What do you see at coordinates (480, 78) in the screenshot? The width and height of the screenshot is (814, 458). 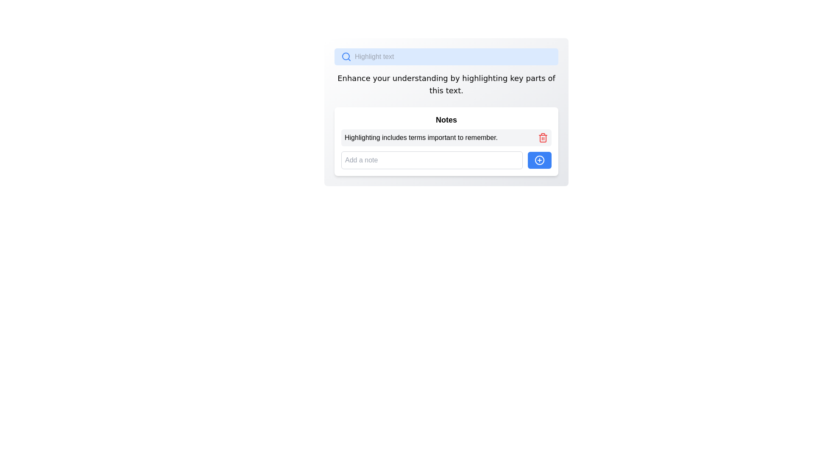 I see `the 'l' character in the word 'highlighting' within the instructional text located at the top of the interface, directly above the notes section` at bounding box center [480, 78].